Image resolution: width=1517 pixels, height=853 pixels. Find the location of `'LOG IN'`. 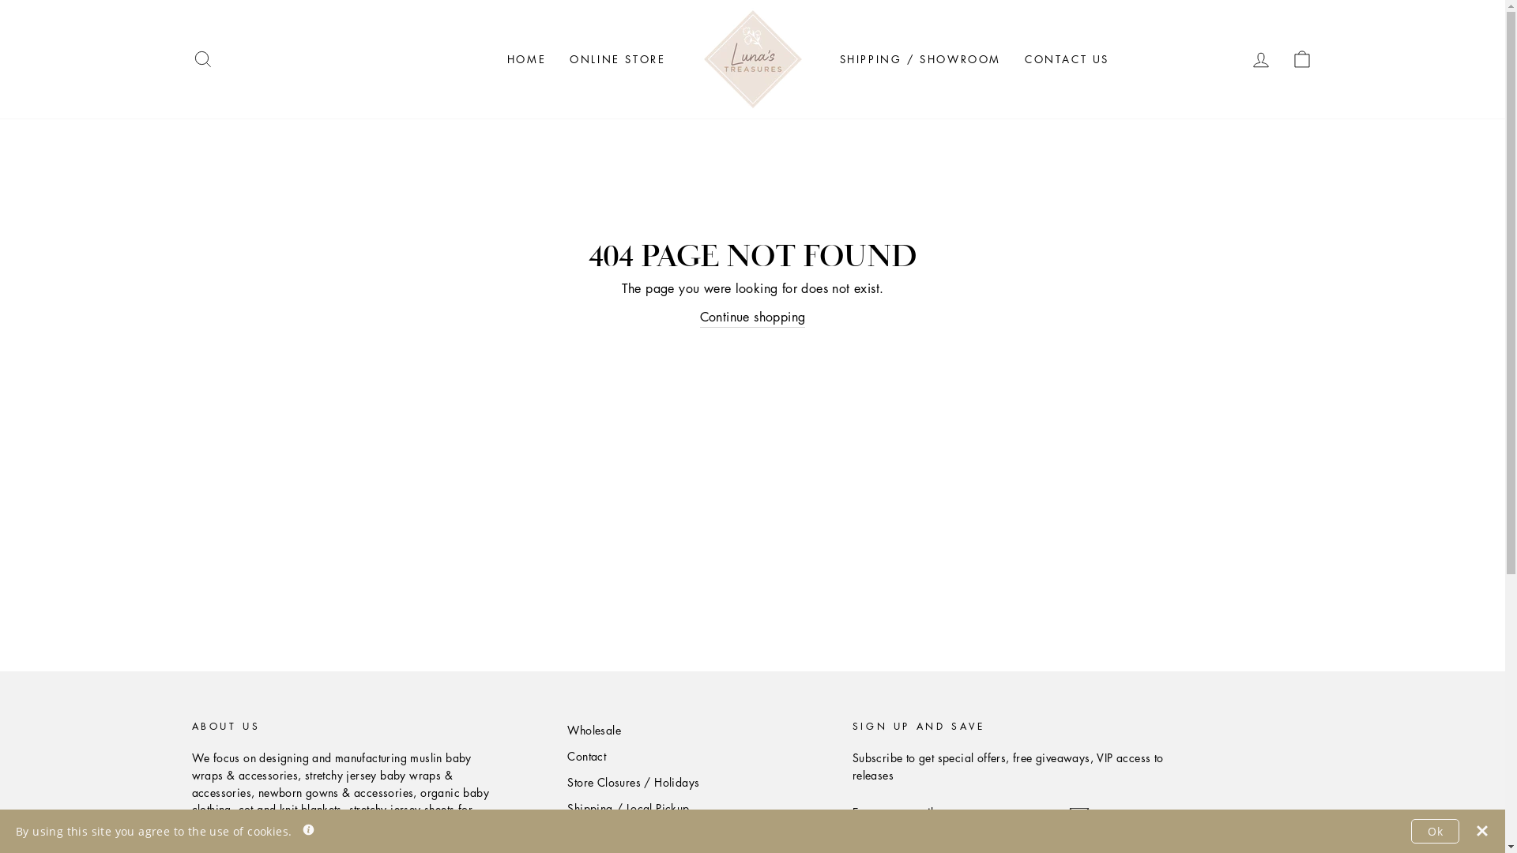

'LOG IN' is located at coordinates (1239, 58).